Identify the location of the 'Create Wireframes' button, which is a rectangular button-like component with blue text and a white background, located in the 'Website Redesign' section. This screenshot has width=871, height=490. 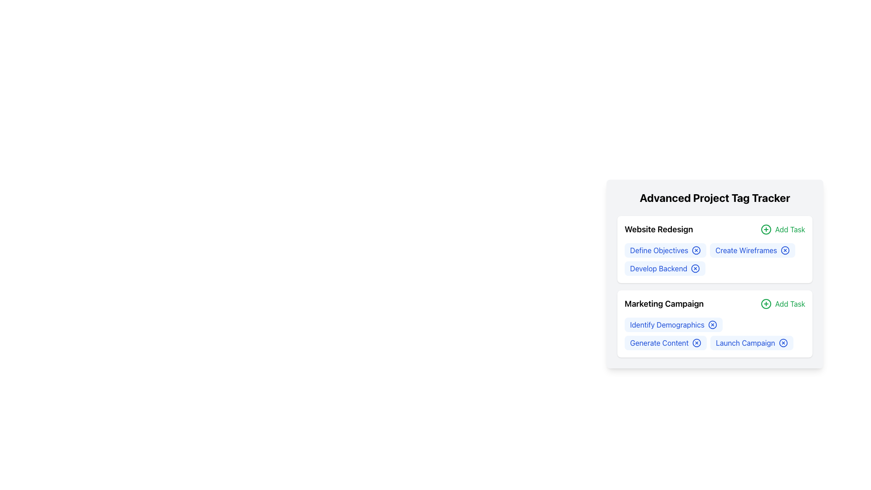
(753, 250).